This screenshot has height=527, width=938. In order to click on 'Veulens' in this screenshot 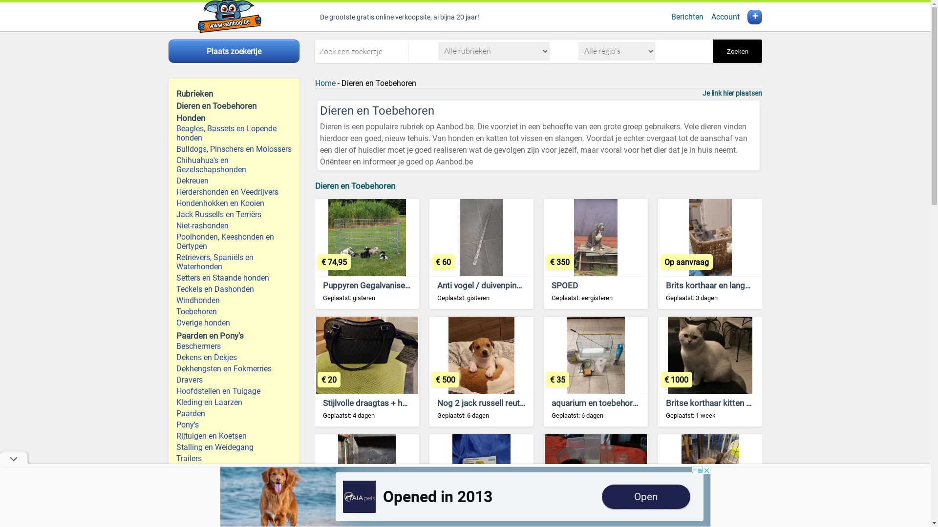, I will do `click(234, 492)`.